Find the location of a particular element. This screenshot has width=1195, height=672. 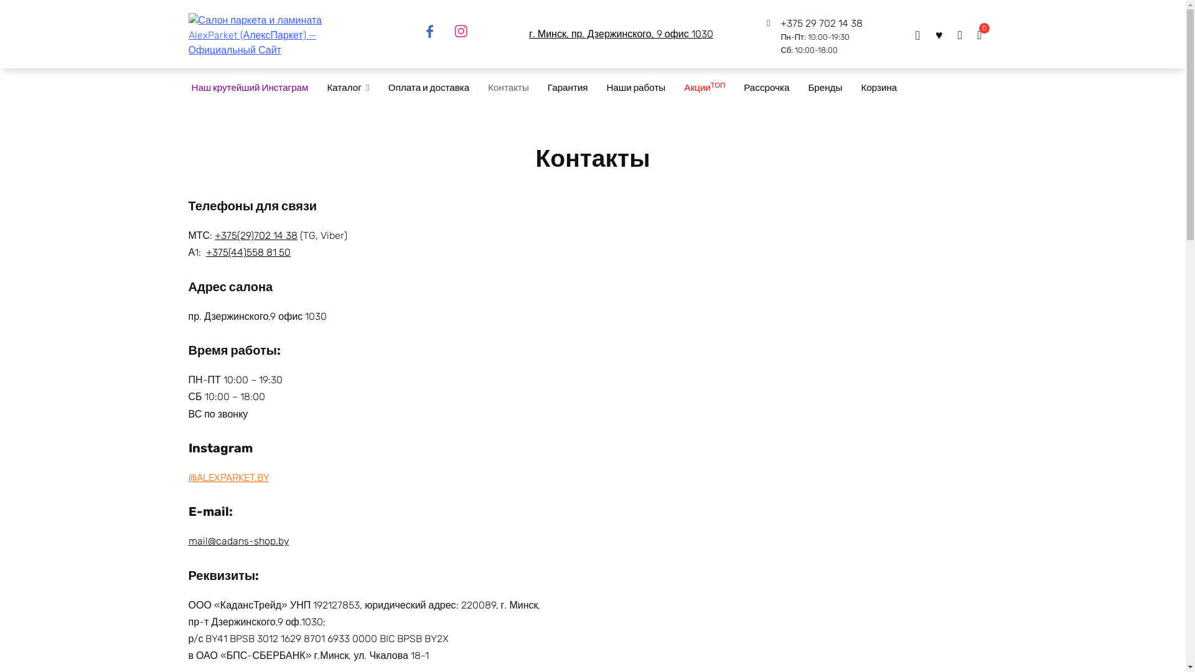

'@ALEXPARKET.BY' is located at coordinates (228, 477).